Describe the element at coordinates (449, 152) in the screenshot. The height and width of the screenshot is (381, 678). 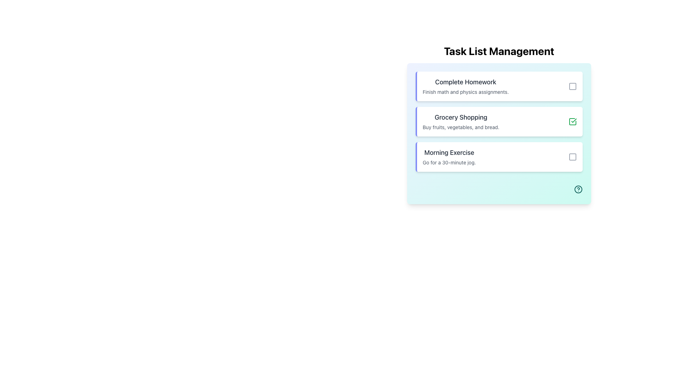
I see `the static text header 'Morning Exercise' which is located in the third task block, positioned above the task description text` at that location.